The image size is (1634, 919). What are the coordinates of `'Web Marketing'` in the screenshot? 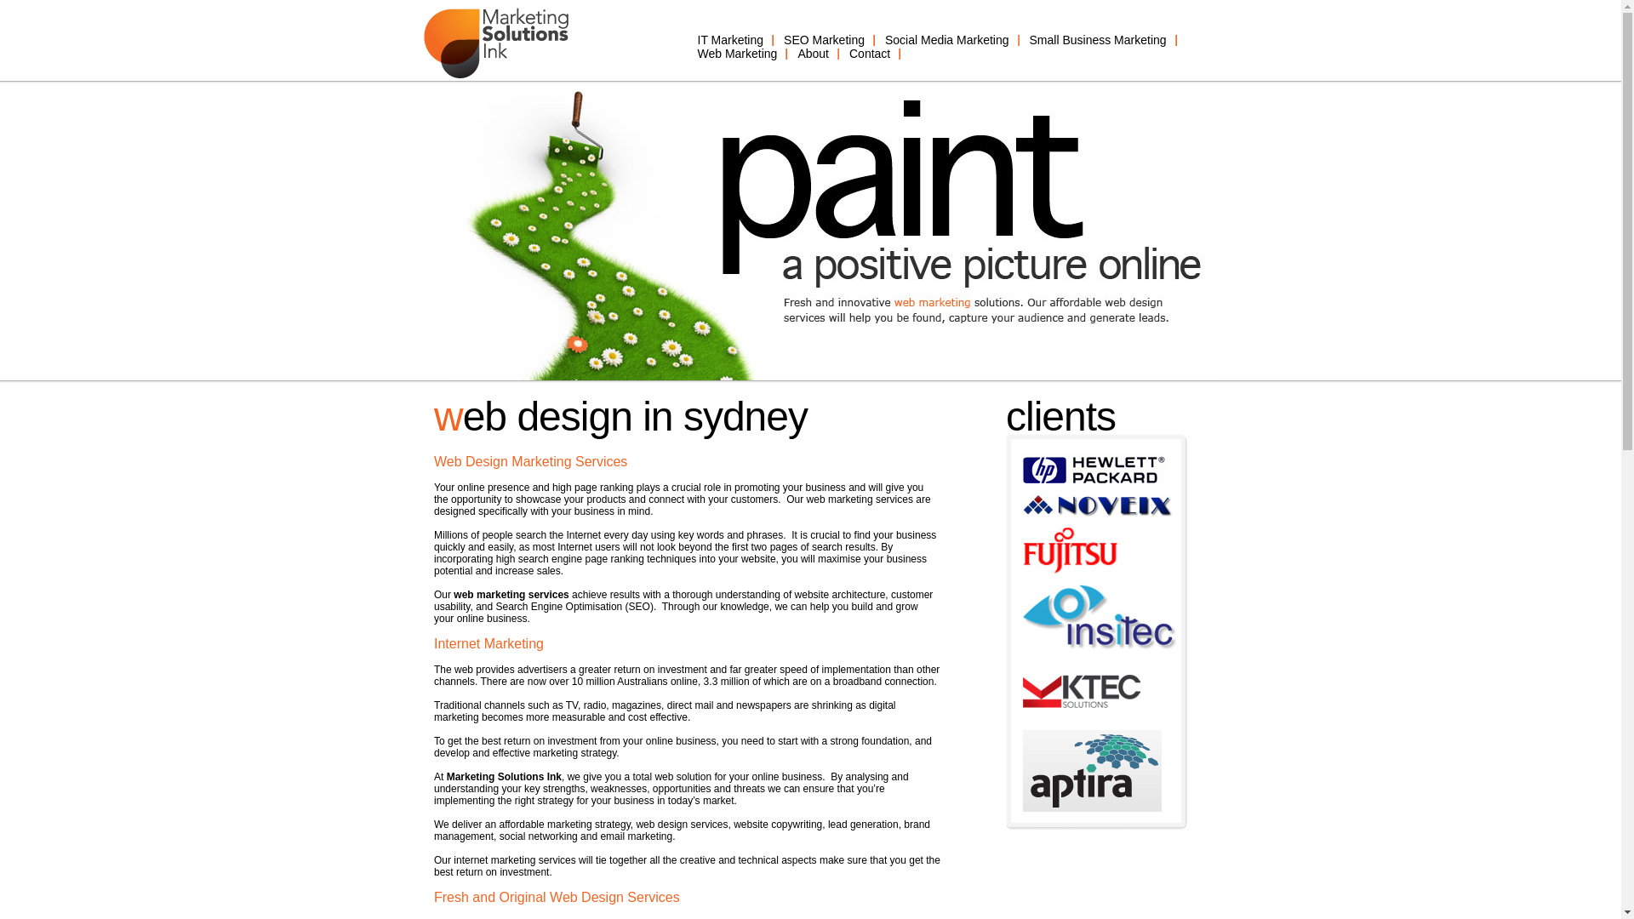 It's located at (738, 52).